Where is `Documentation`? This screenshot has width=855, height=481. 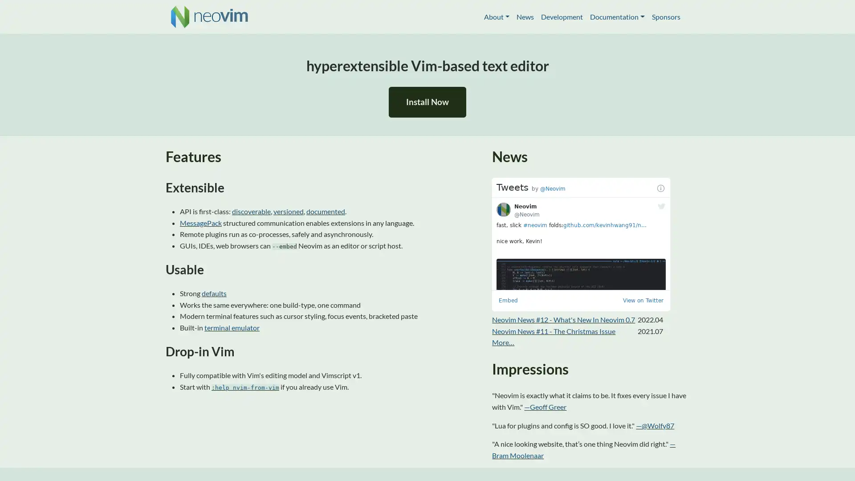 Documentation is located at coordinates (617, 16).